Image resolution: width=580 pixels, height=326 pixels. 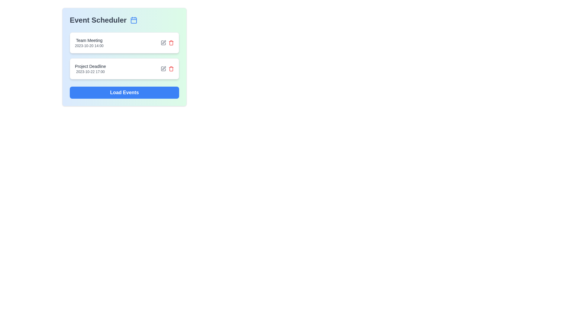 I want to click on the button located at the bottom of the light gradient-colored panel, which is directly below the event summary cards labeled 'Team Meeting' and 'Project Deadline', to observe hover effects, so click(x=124, y=93).